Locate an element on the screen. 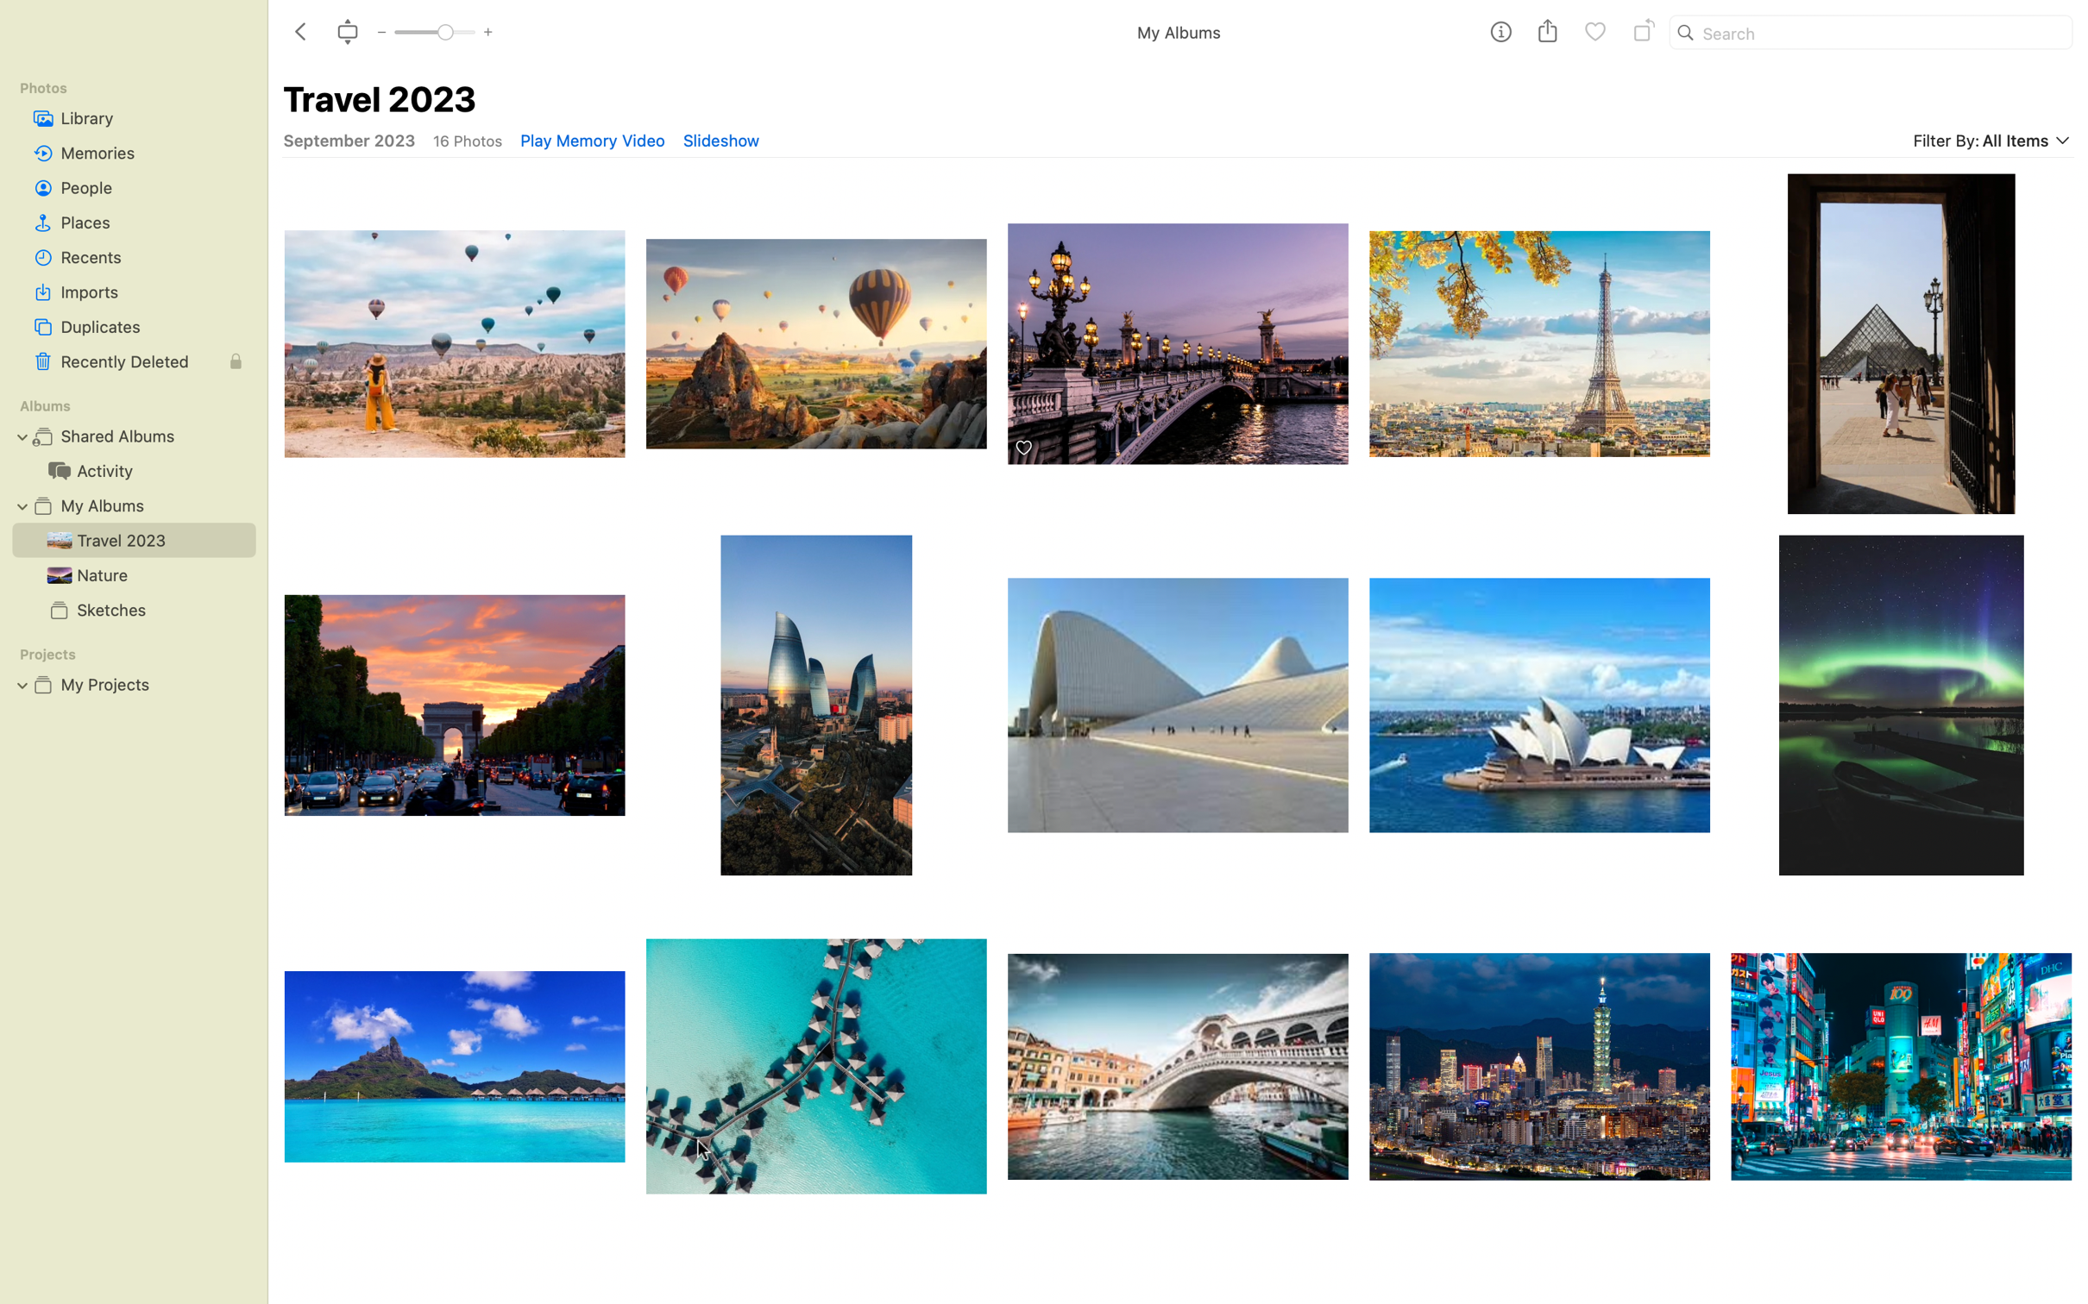  In the "Nature" album, use the upper toolbar to zoom in on the images is located at coordinates (128, 574).